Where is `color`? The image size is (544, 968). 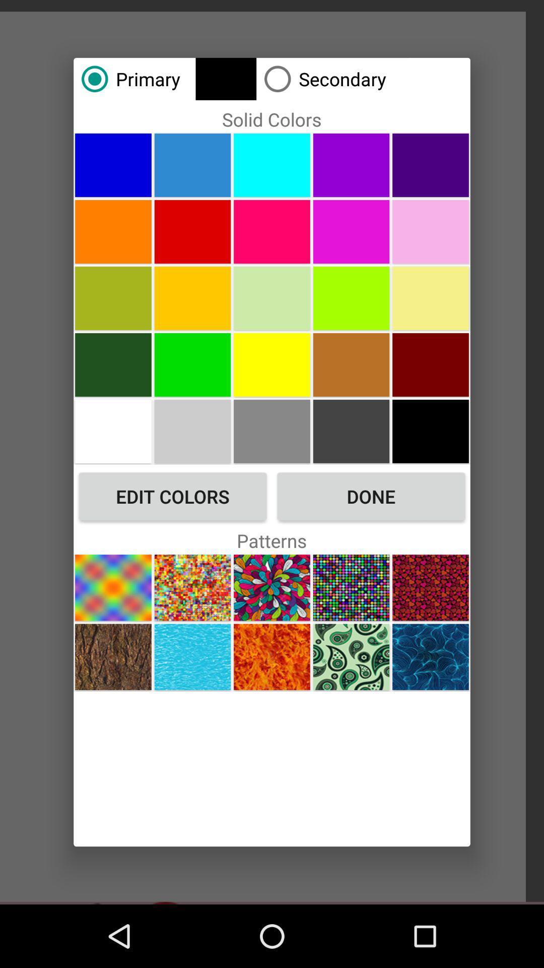
color is located at coordinates (431, 231).